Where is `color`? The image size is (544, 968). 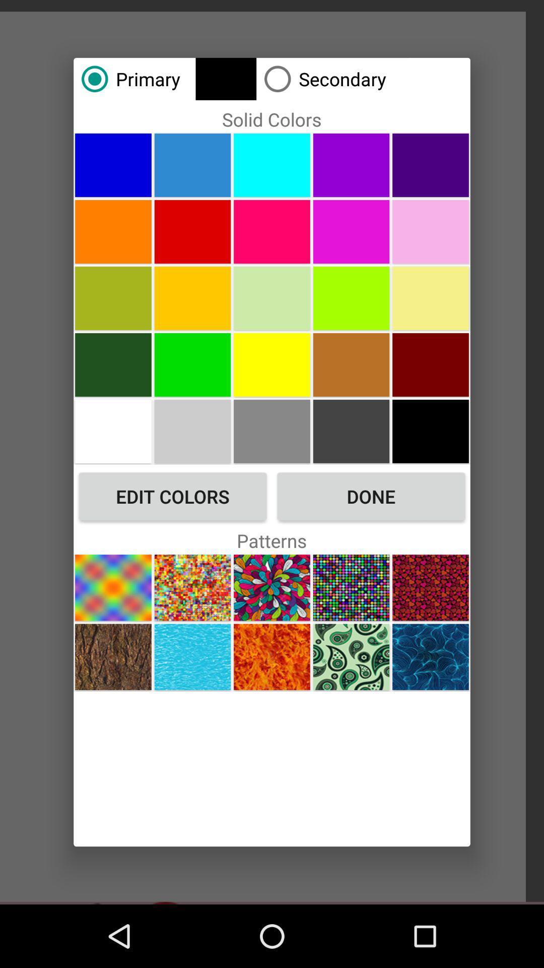
color is located at coordinates (431, 231).